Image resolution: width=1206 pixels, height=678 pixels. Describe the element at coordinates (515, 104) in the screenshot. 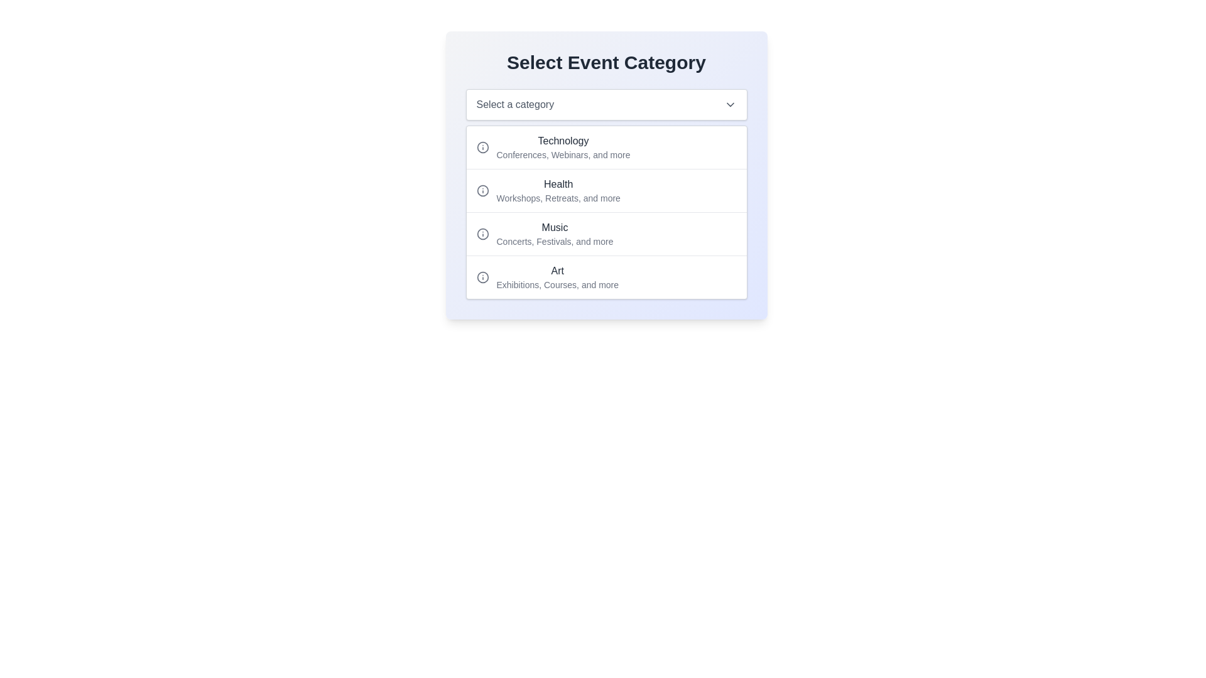

I see `the Text label that serves as a prompt for the dropdown menu, located to the left of the dropdown icon` at that location.